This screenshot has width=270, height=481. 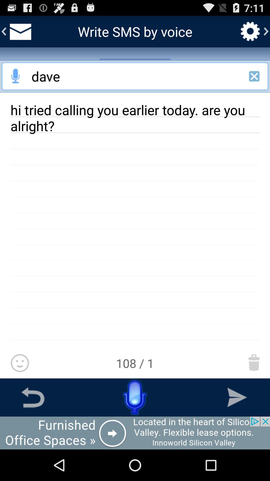 What do you see at coordinates (237, 397) in the screenshot?
I see `send message` at bounding box center [237, 397].